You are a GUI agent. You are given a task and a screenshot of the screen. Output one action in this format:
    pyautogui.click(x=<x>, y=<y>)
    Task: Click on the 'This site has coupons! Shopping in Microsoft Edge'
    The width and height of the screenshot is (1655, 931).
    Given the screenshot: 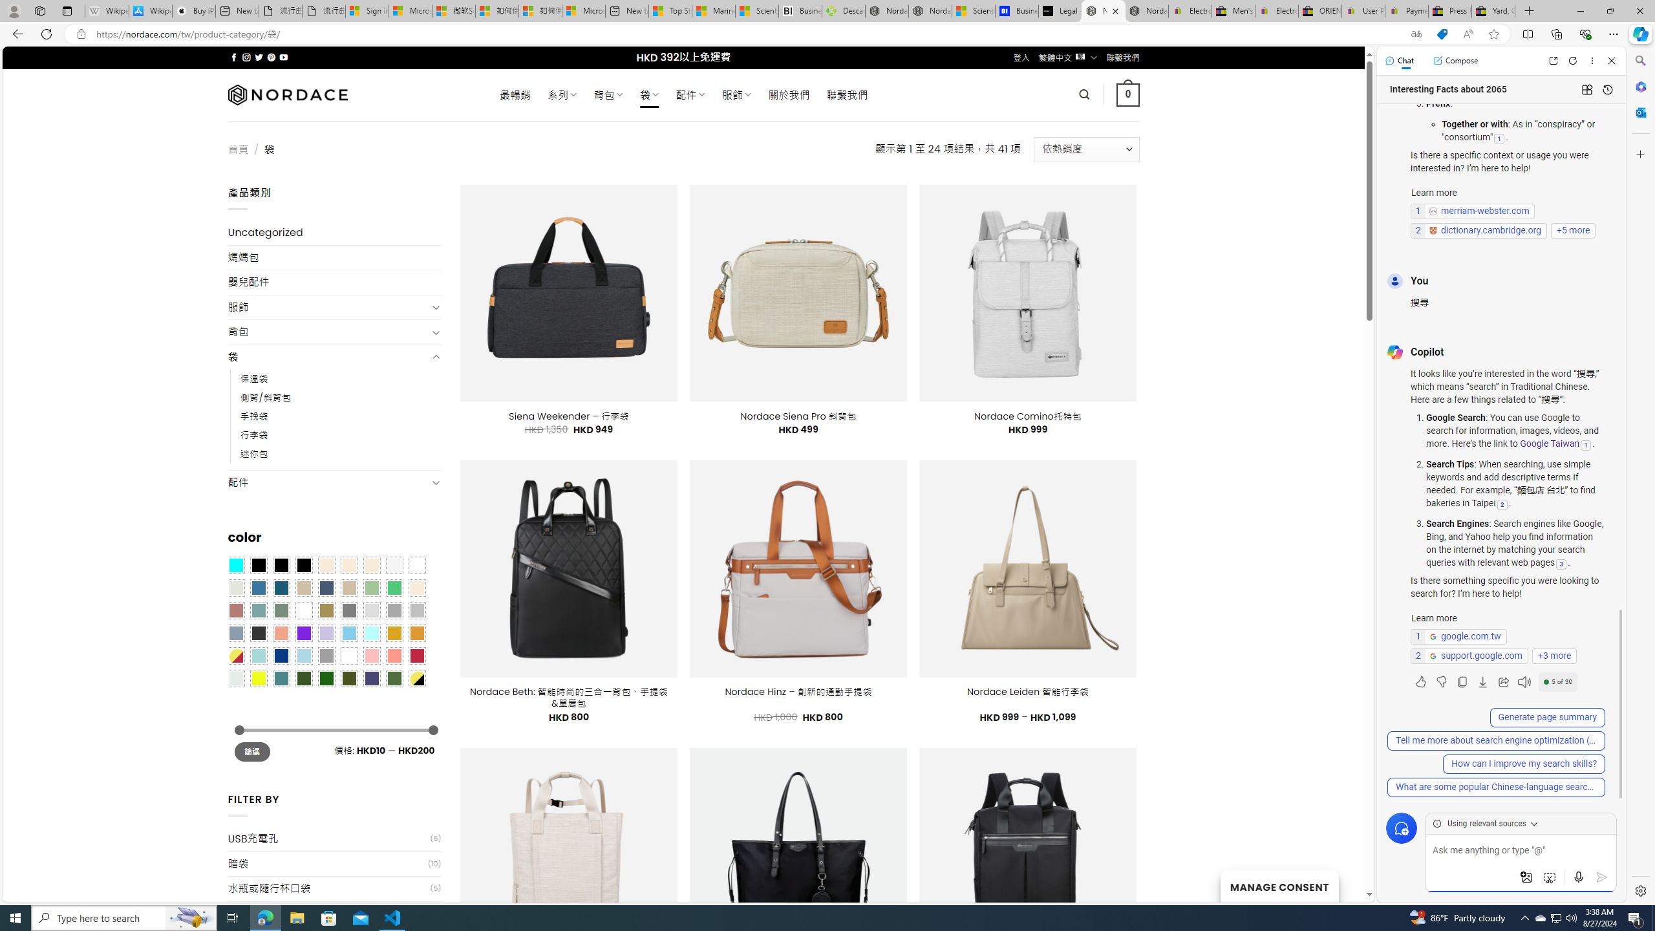 What is the action you would take?
    pyautogui.click(x=1442, y=34)
    